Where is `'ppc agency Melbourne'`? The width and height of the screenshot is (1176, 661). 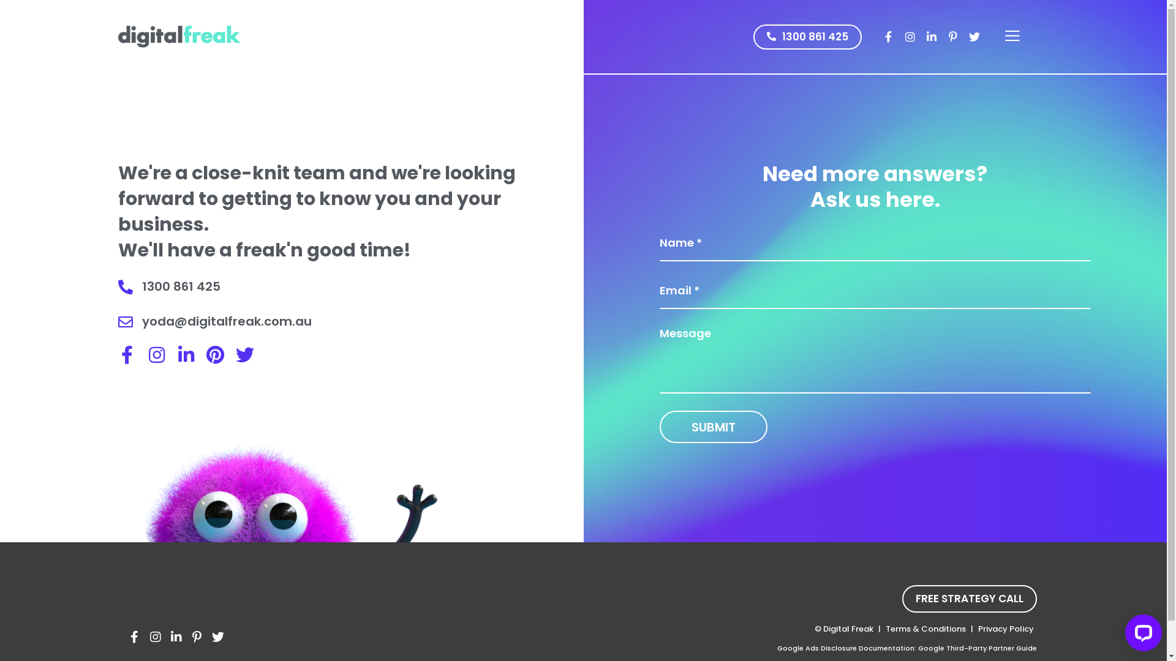
'ppc agency Melbourne' is located at coordinates (178, 36).